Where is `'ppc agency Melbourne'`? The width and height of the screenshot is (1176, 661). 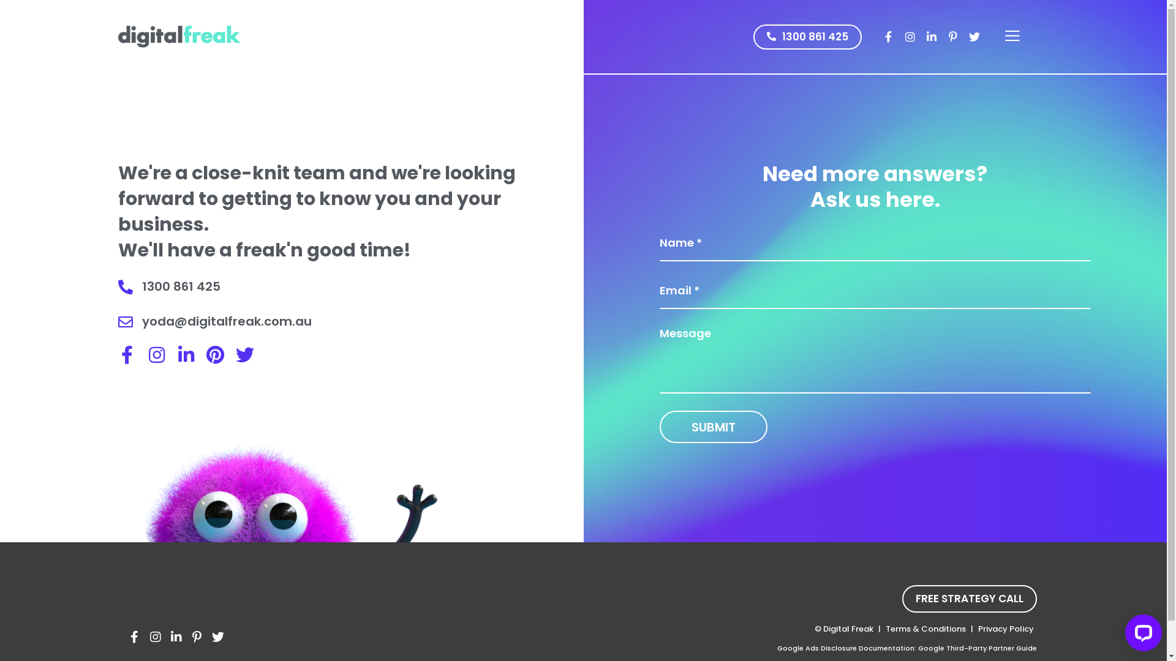
'ppc agency Melbourne' is located at coordinates (178, 36).